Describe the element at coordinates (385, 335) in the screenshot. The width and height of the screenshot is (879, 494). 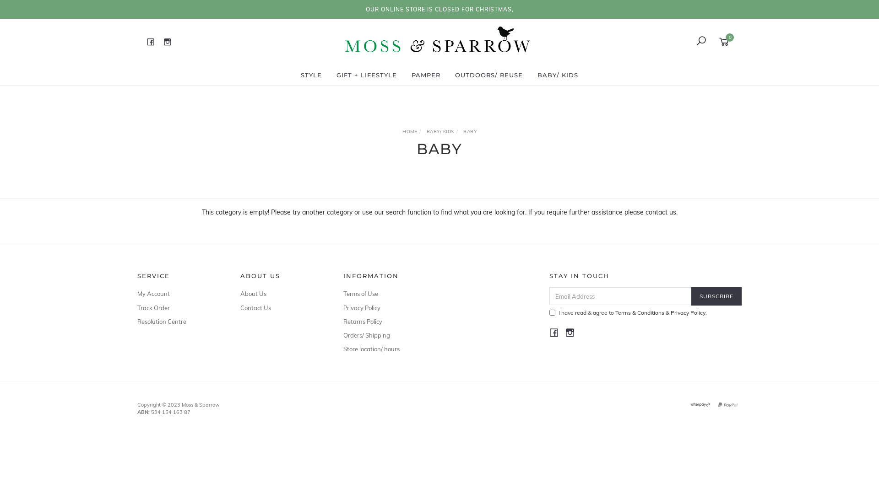
I see `'Orders/ Shipping'` at that location.